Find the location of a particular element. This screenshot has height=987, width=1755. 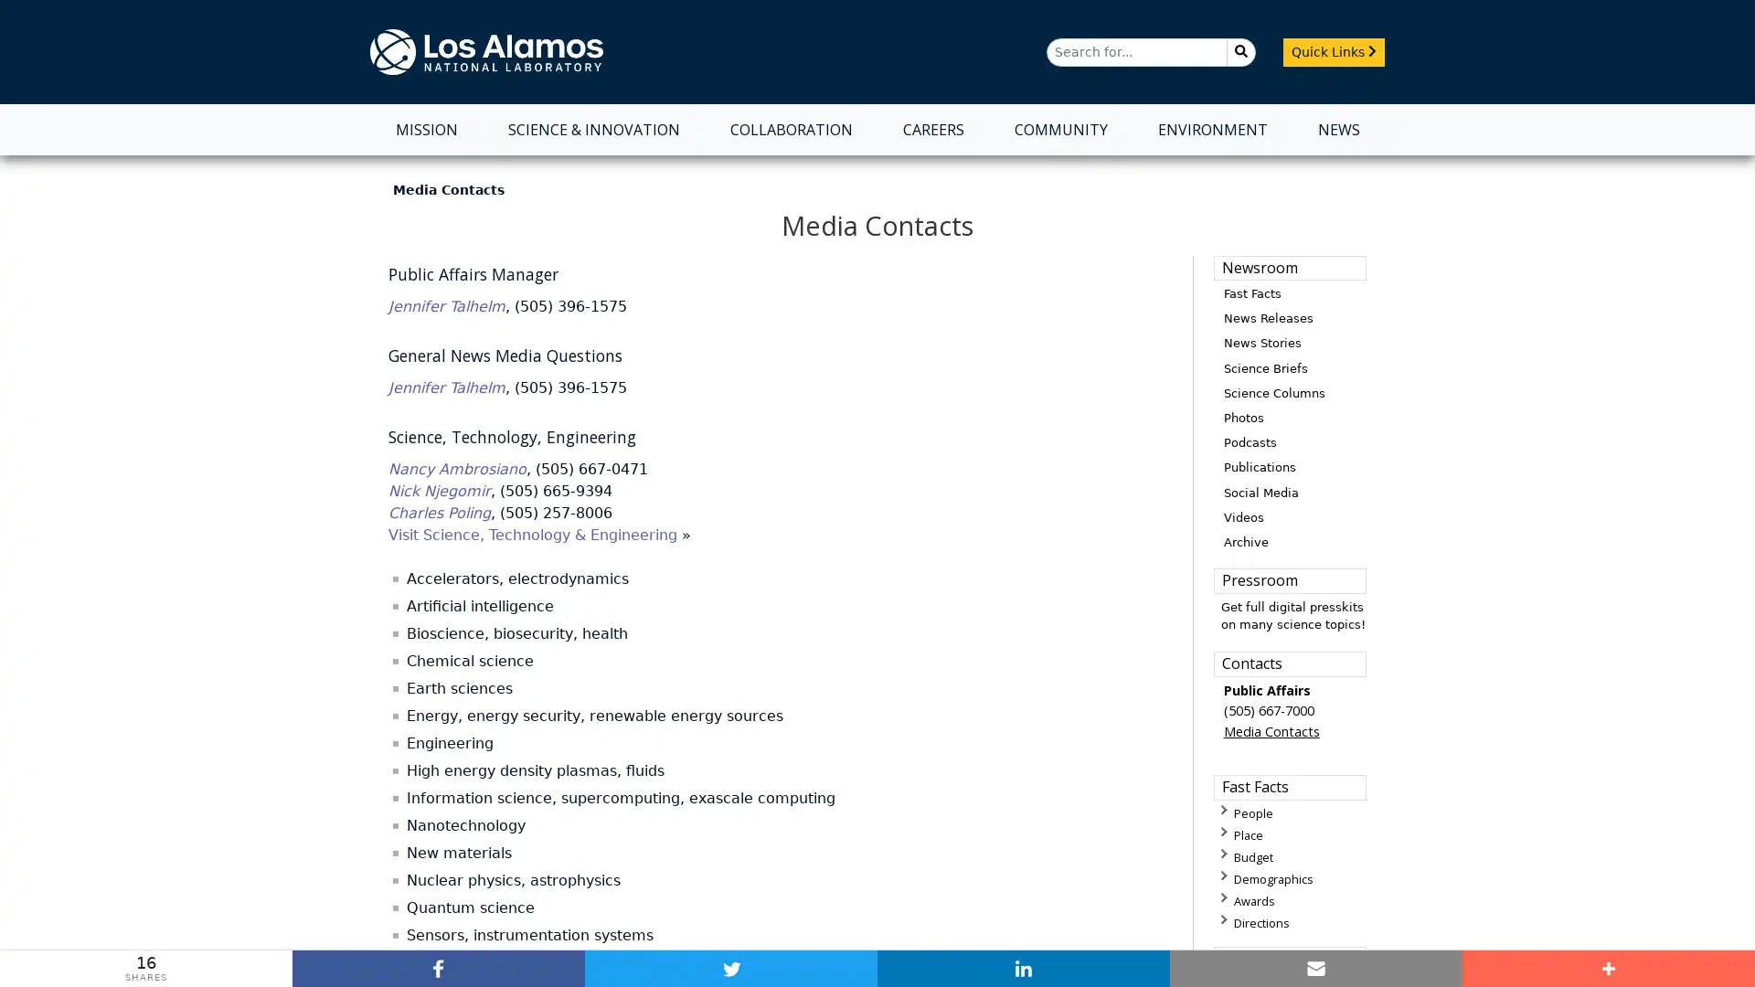

Search Button is located at coordinates (1241, 50).